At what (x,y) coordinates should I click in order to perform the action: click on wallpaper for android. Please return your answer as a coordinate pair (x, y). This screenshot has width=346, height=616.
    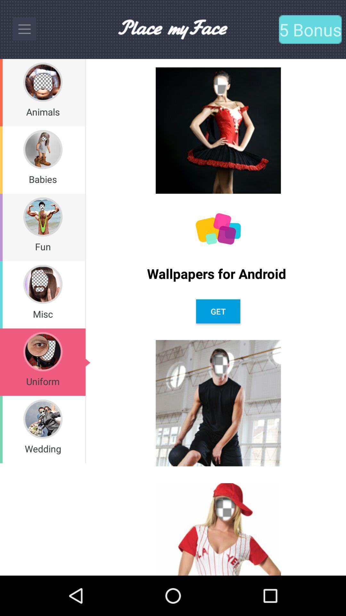
    Looking at the image, I should click on (218, 229).